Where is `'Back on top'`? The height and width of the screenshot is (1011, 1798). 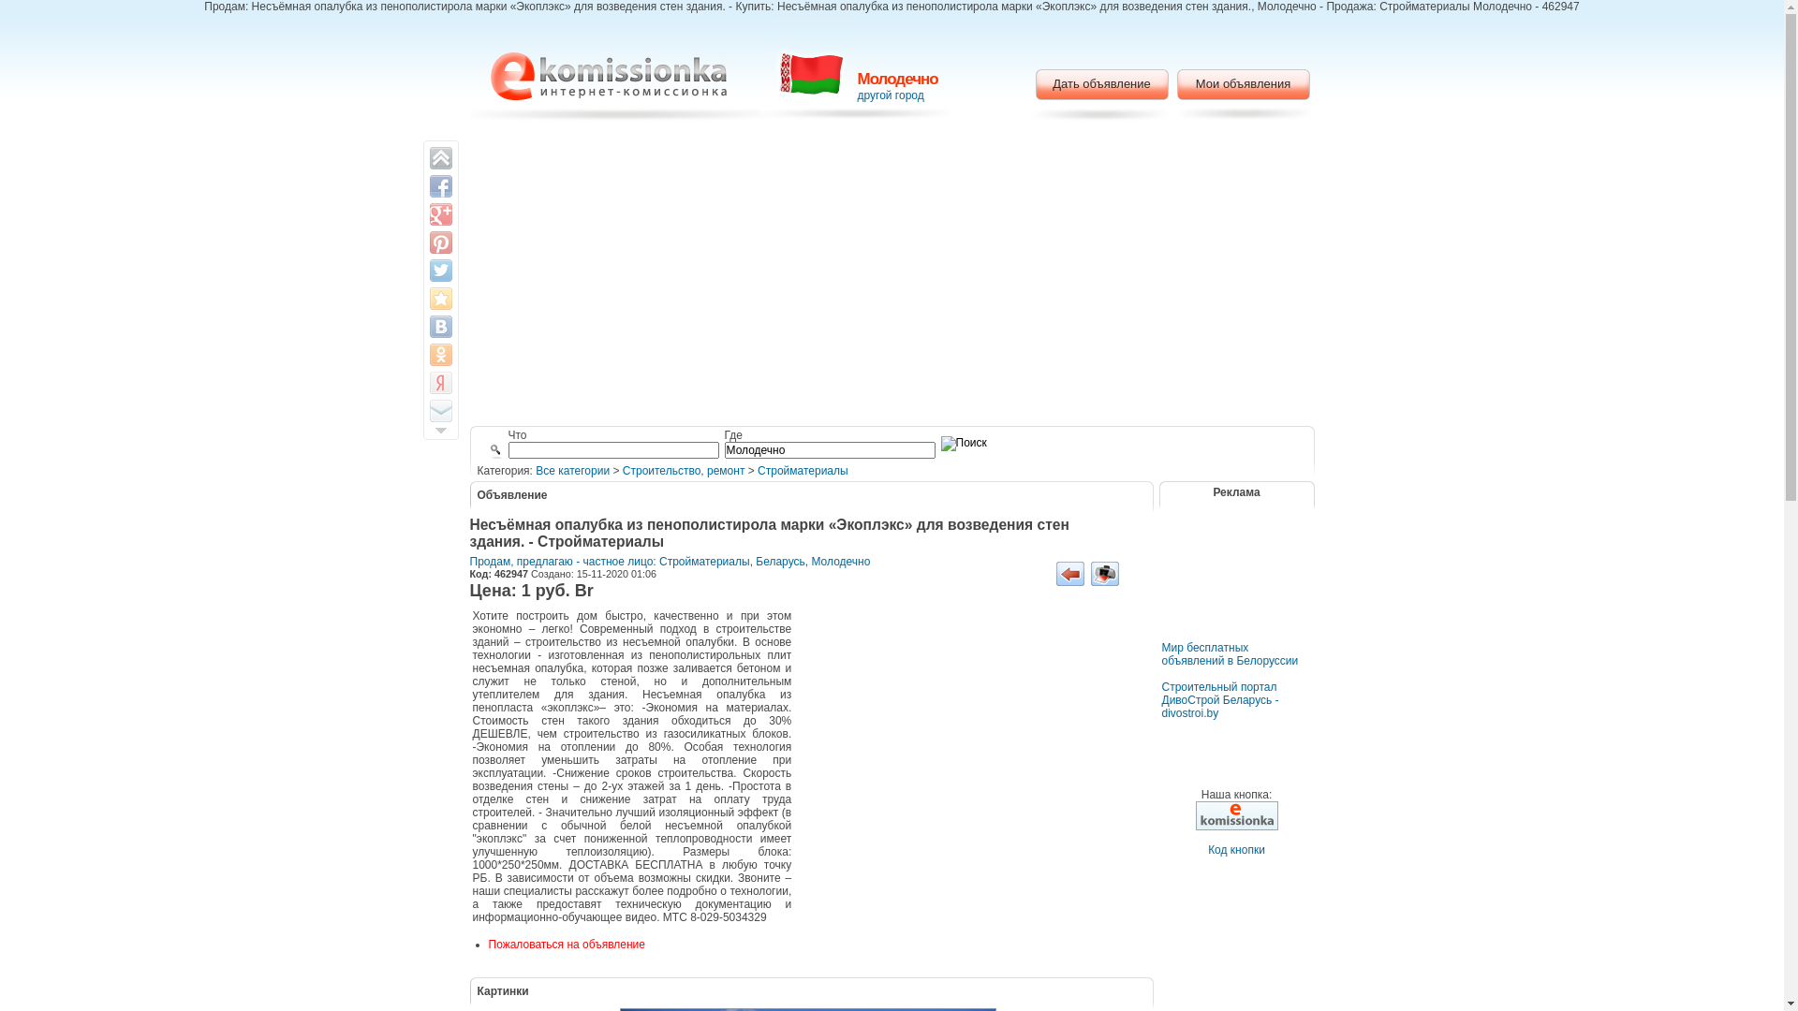
'Back on top' is located at coordinates (439, 157).